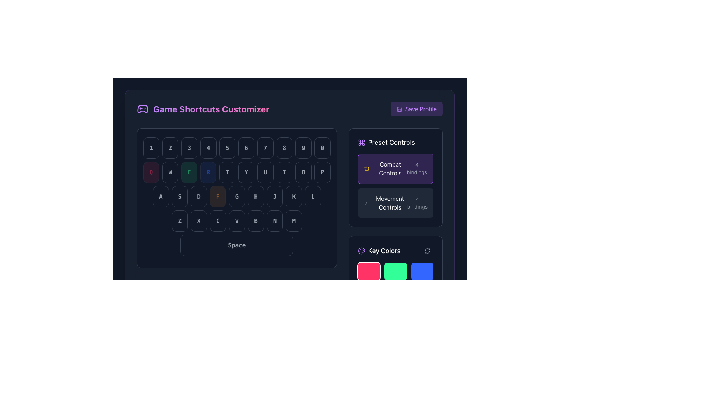 Image resolution: width=707 pixels, height=398 pixels. Describe the element at coordinates (199, 221) in the screenshot. I see `the button labeled 'X' which is the second button in the bottom row of a keyboard-like layout, positioned between 'Z' and 'C'` at that location.